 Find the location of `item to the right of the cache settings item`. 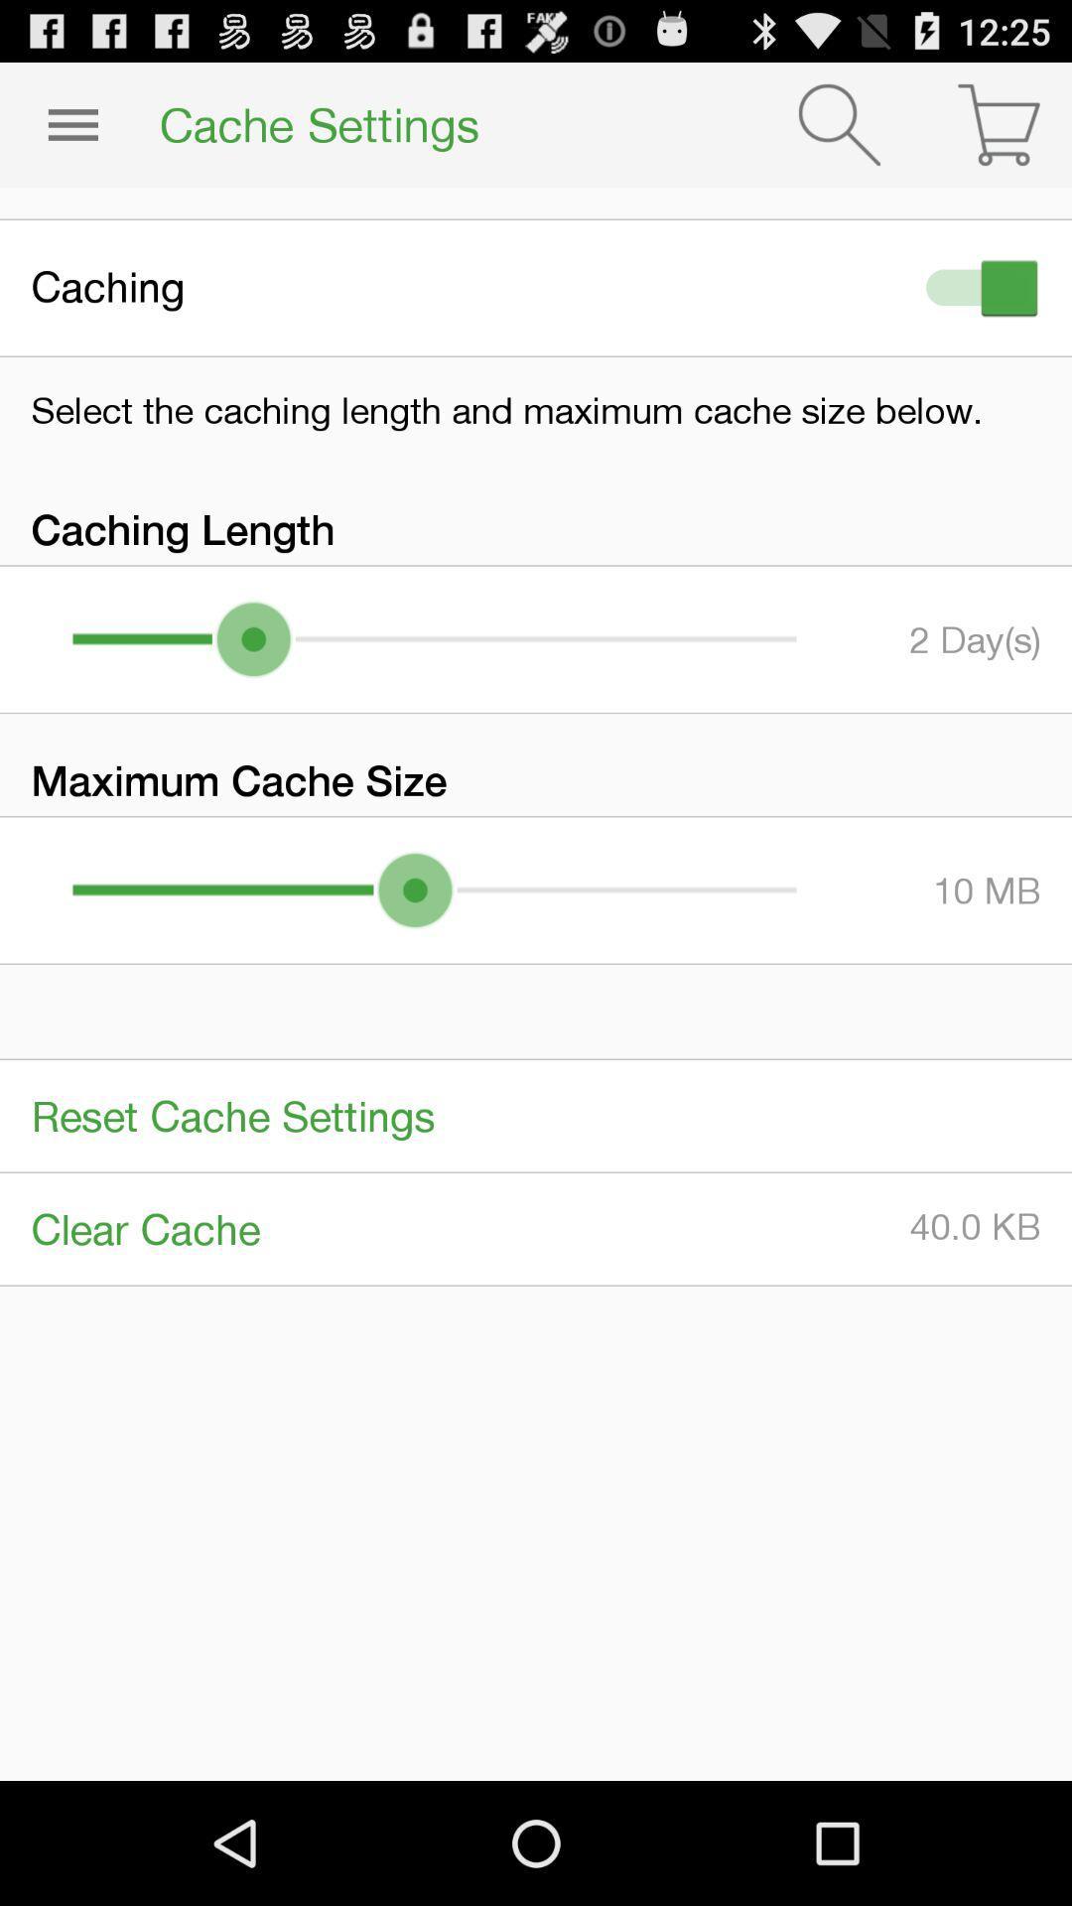

item to the right of the cache settings item is located at coordinates (839, 123).